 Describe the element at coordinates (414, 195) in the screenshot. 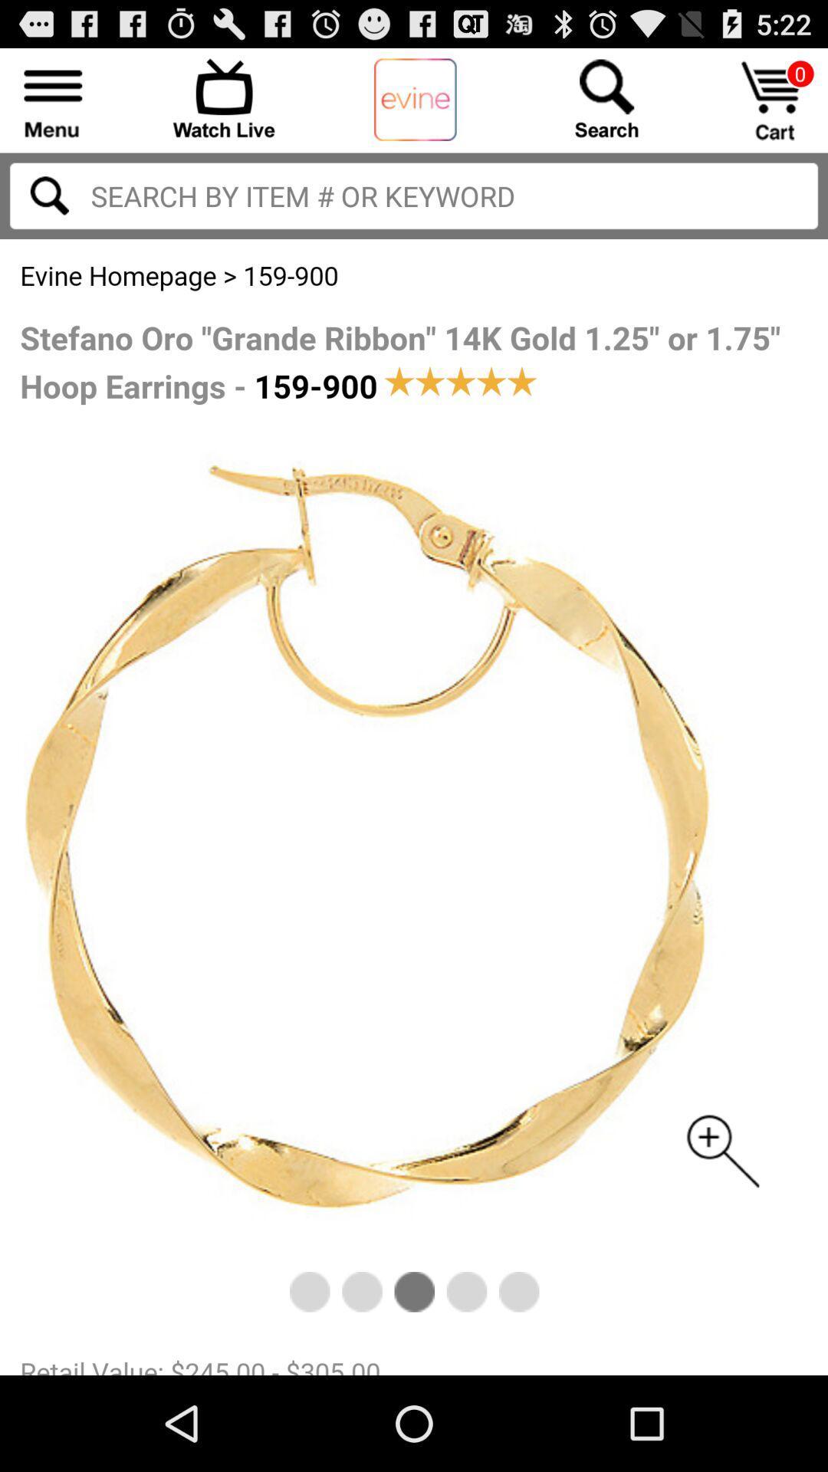

I see `search item` at that location.